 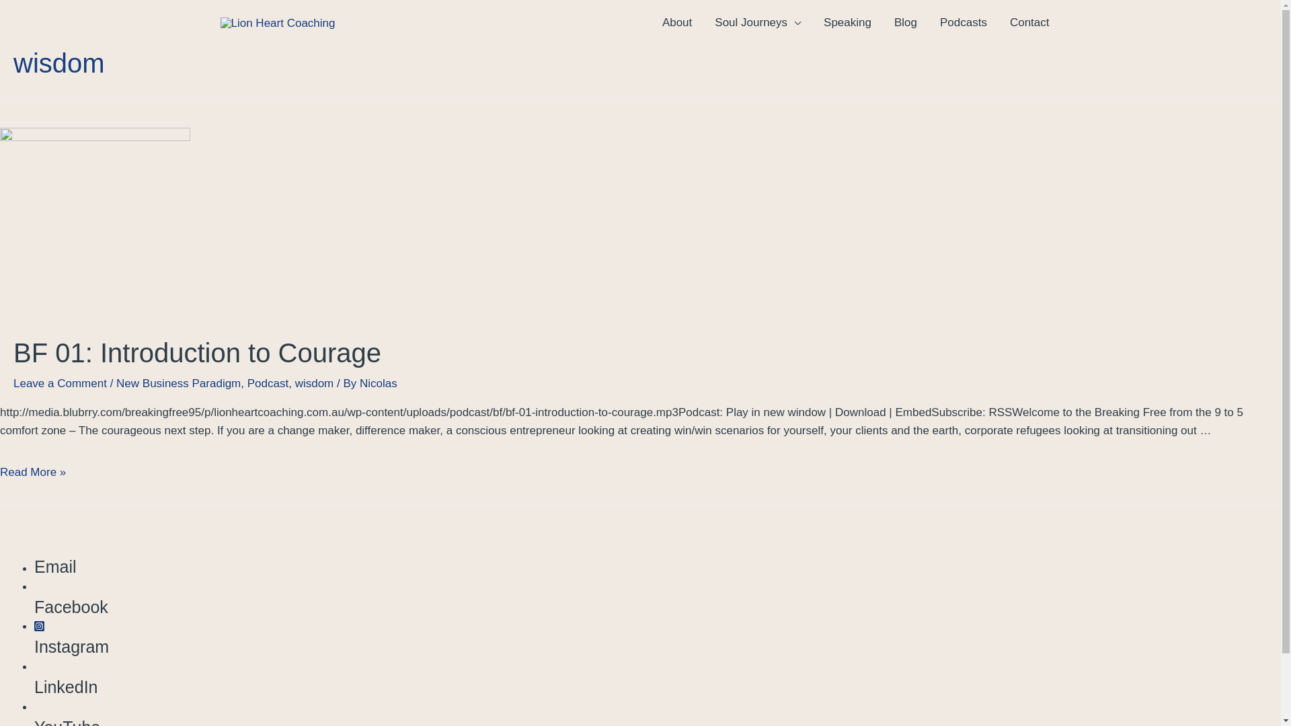 I want to click on 'Email', so click(x=34, y=567).